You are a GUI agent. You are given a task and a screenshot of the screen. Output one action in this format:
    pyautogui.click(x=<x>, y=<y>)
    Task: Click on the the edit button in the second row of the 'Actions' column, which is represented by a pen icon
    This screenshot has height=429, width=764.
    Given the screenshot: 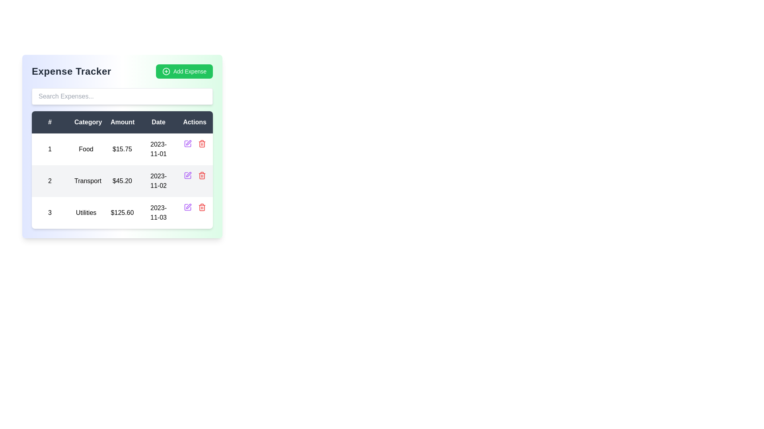 What is the action you would take?
    pyautogui.click(x=187, y=144)
    